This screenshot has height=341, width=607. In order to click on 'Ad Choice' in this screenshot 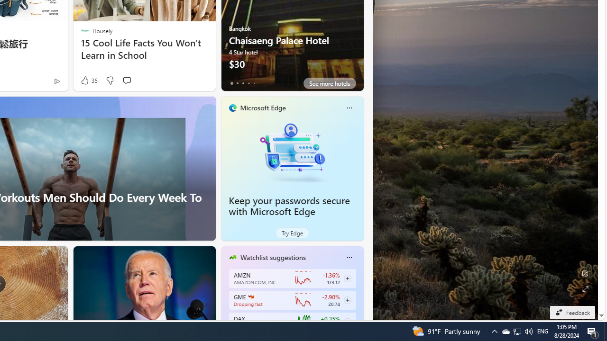, I will do `click(56, 81)`.